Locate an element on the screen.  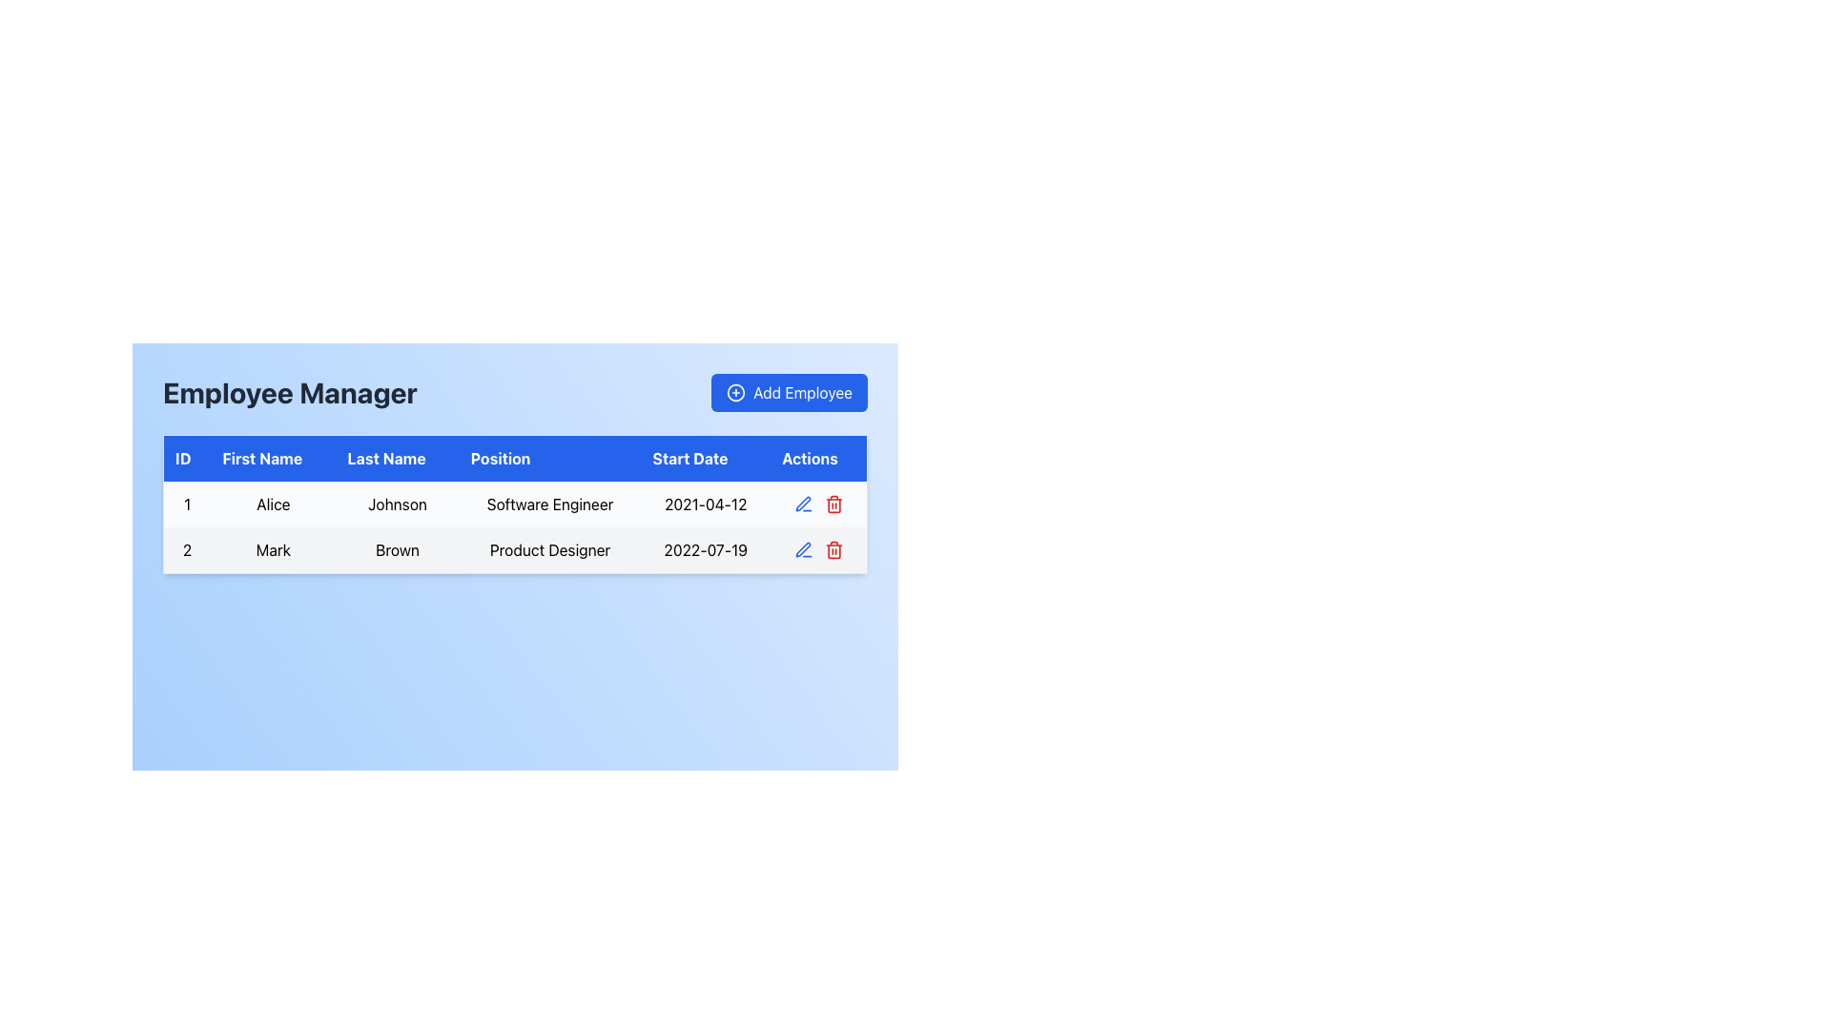
the detailed information displayed in the second row of the employee table under the 'Employee Manager' section is located at coordinates (515, 550).